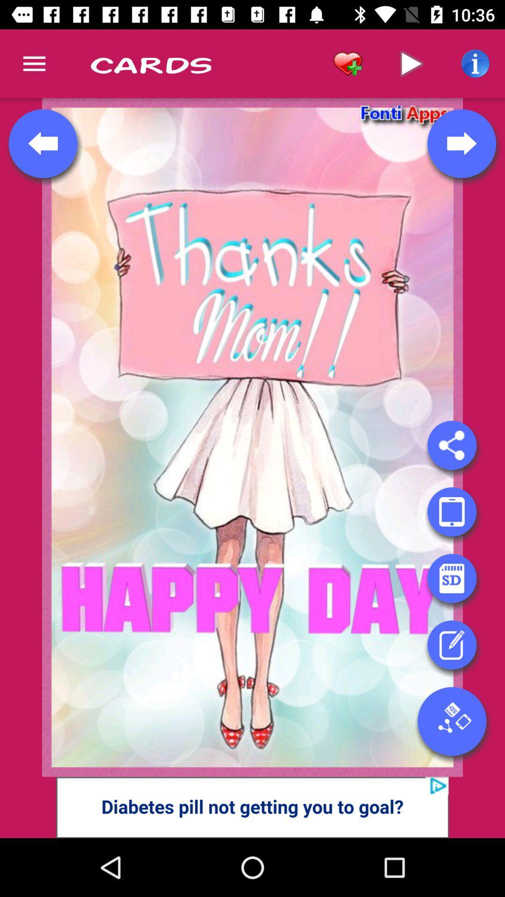 The height and width of the screenshot is (897, 505). Describe the element at coordinates (461, 143) in the screenshot. I see `this button is for the next page` at that location.